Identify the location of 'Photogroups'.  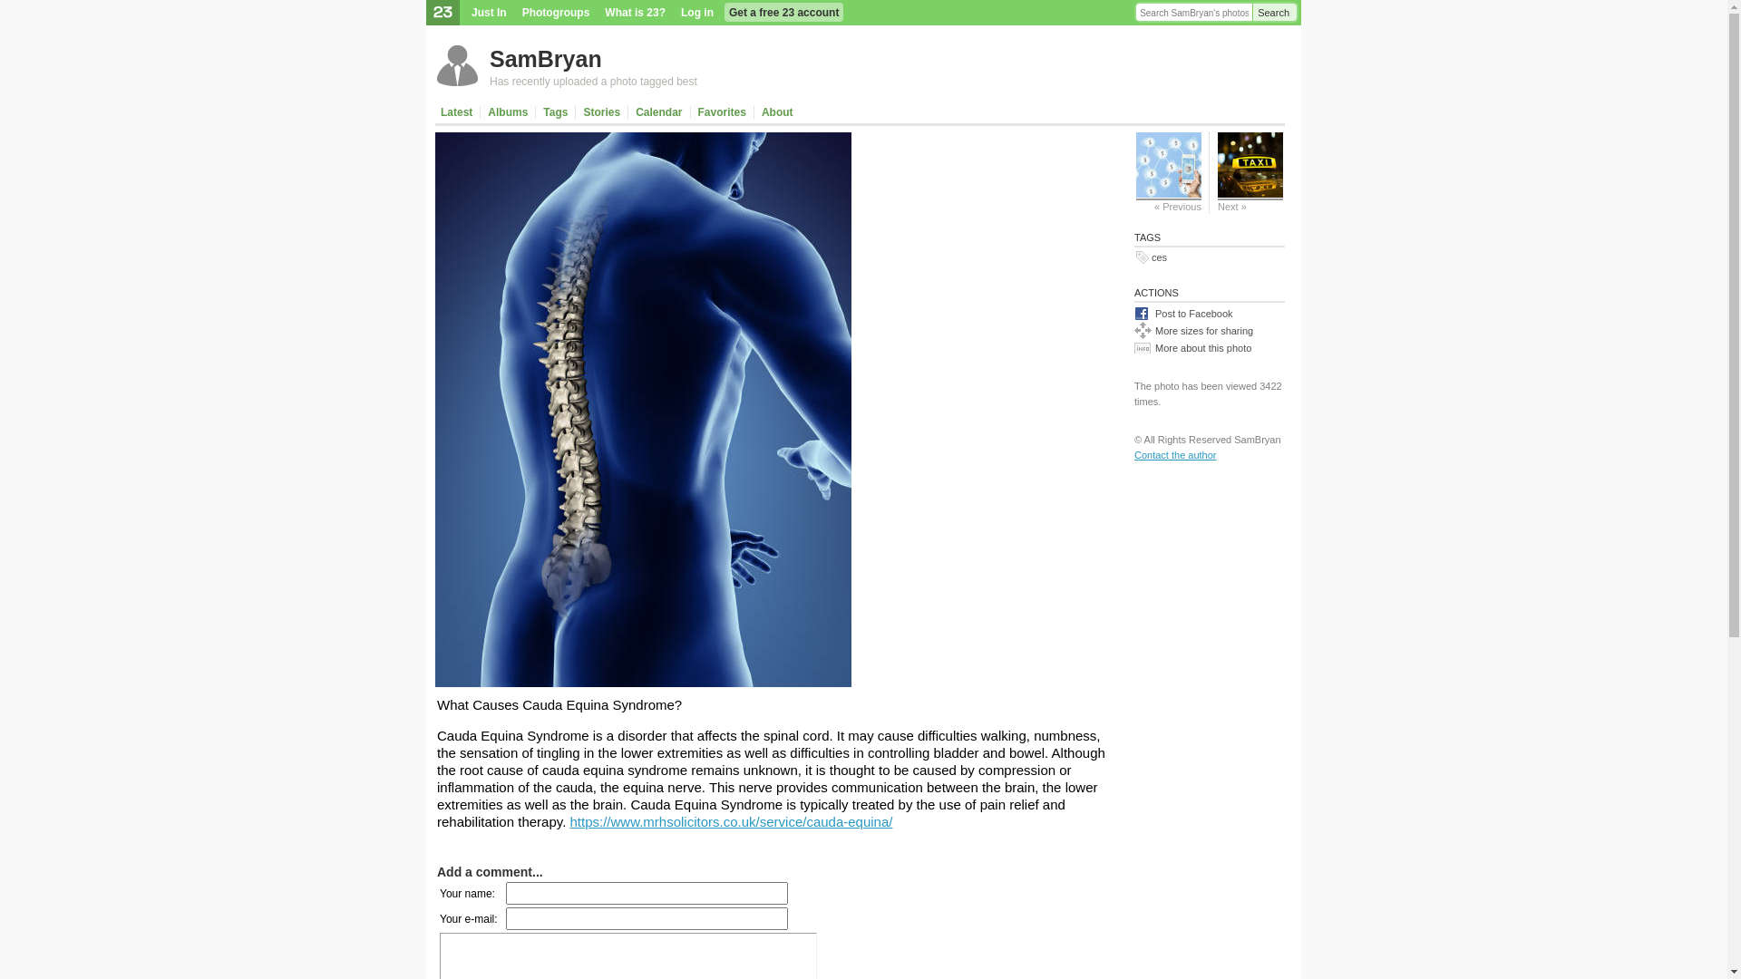
(555, 13).